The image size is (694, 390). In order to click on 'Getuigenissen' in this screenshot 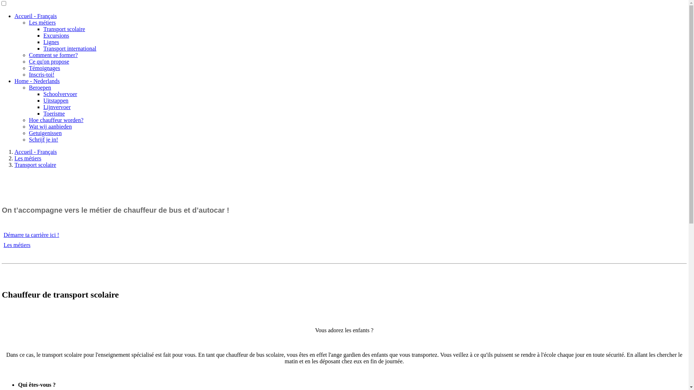, I will do `click(45, 133)`.